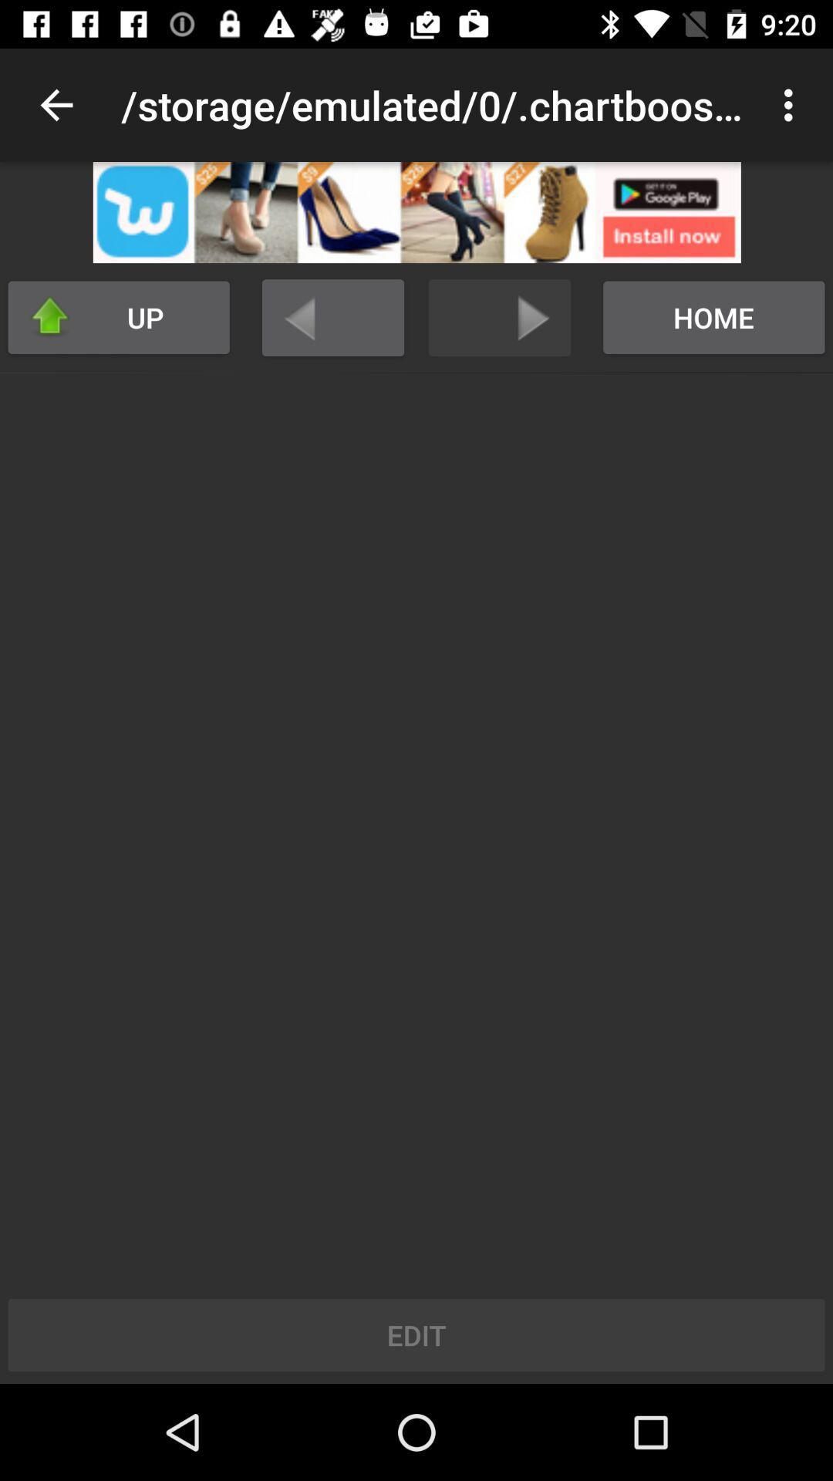 Image resolution: width=833 pixels, height=1481 pixels. Describe the element at coordinates (416, 211) in the screenshot. I see `advert pop up` at that location.